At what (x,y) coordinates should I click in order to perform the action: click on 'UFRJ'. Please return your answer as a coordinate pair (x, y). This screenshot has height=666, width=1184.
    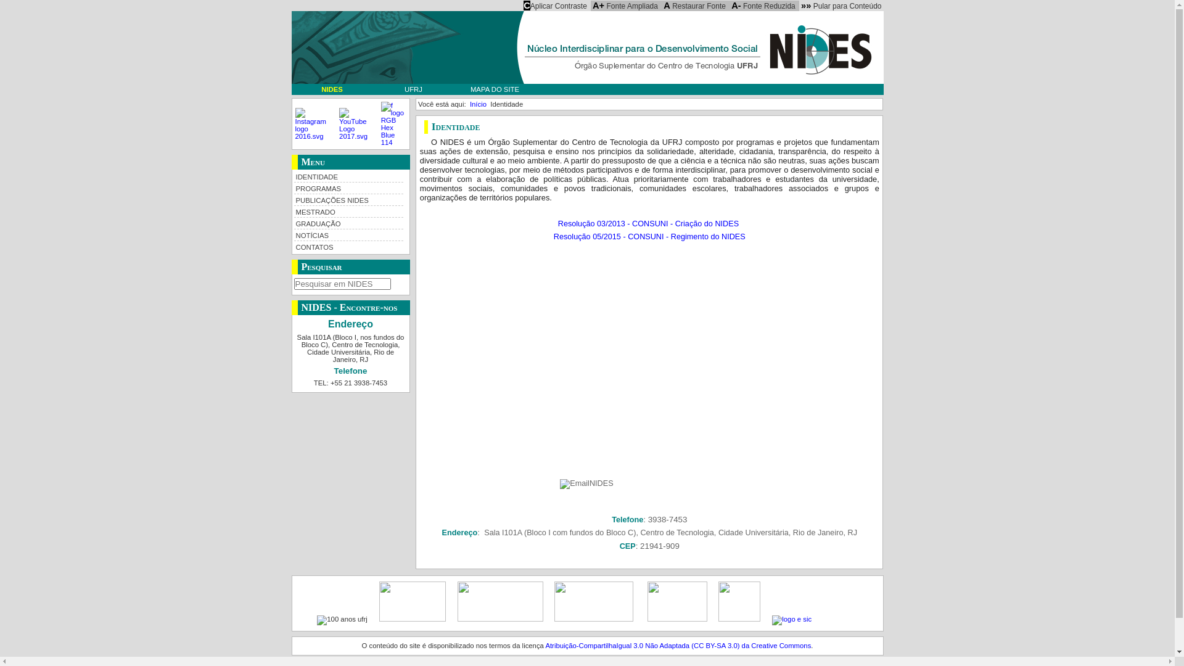
    Looking at the image, I should click on (372, 89).